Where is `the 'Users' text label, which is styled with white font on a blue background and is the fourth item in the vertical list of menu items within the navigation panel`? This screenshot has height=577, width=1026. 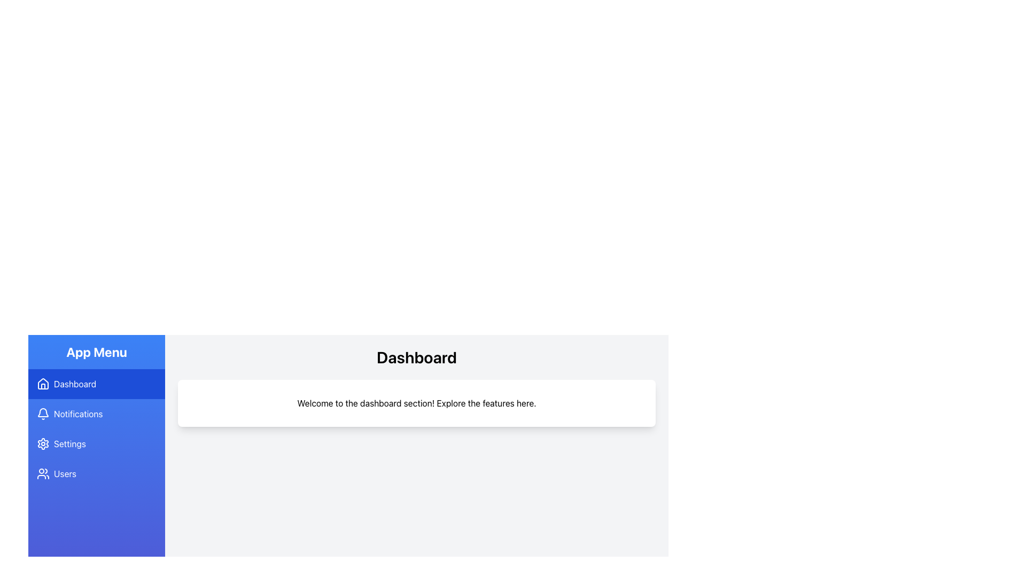
the 'Users' text label, which is styled with white font on a blue background and is the fourth item in the vertical list of menu items within the navigation panel is located at coordinates (65, 473).